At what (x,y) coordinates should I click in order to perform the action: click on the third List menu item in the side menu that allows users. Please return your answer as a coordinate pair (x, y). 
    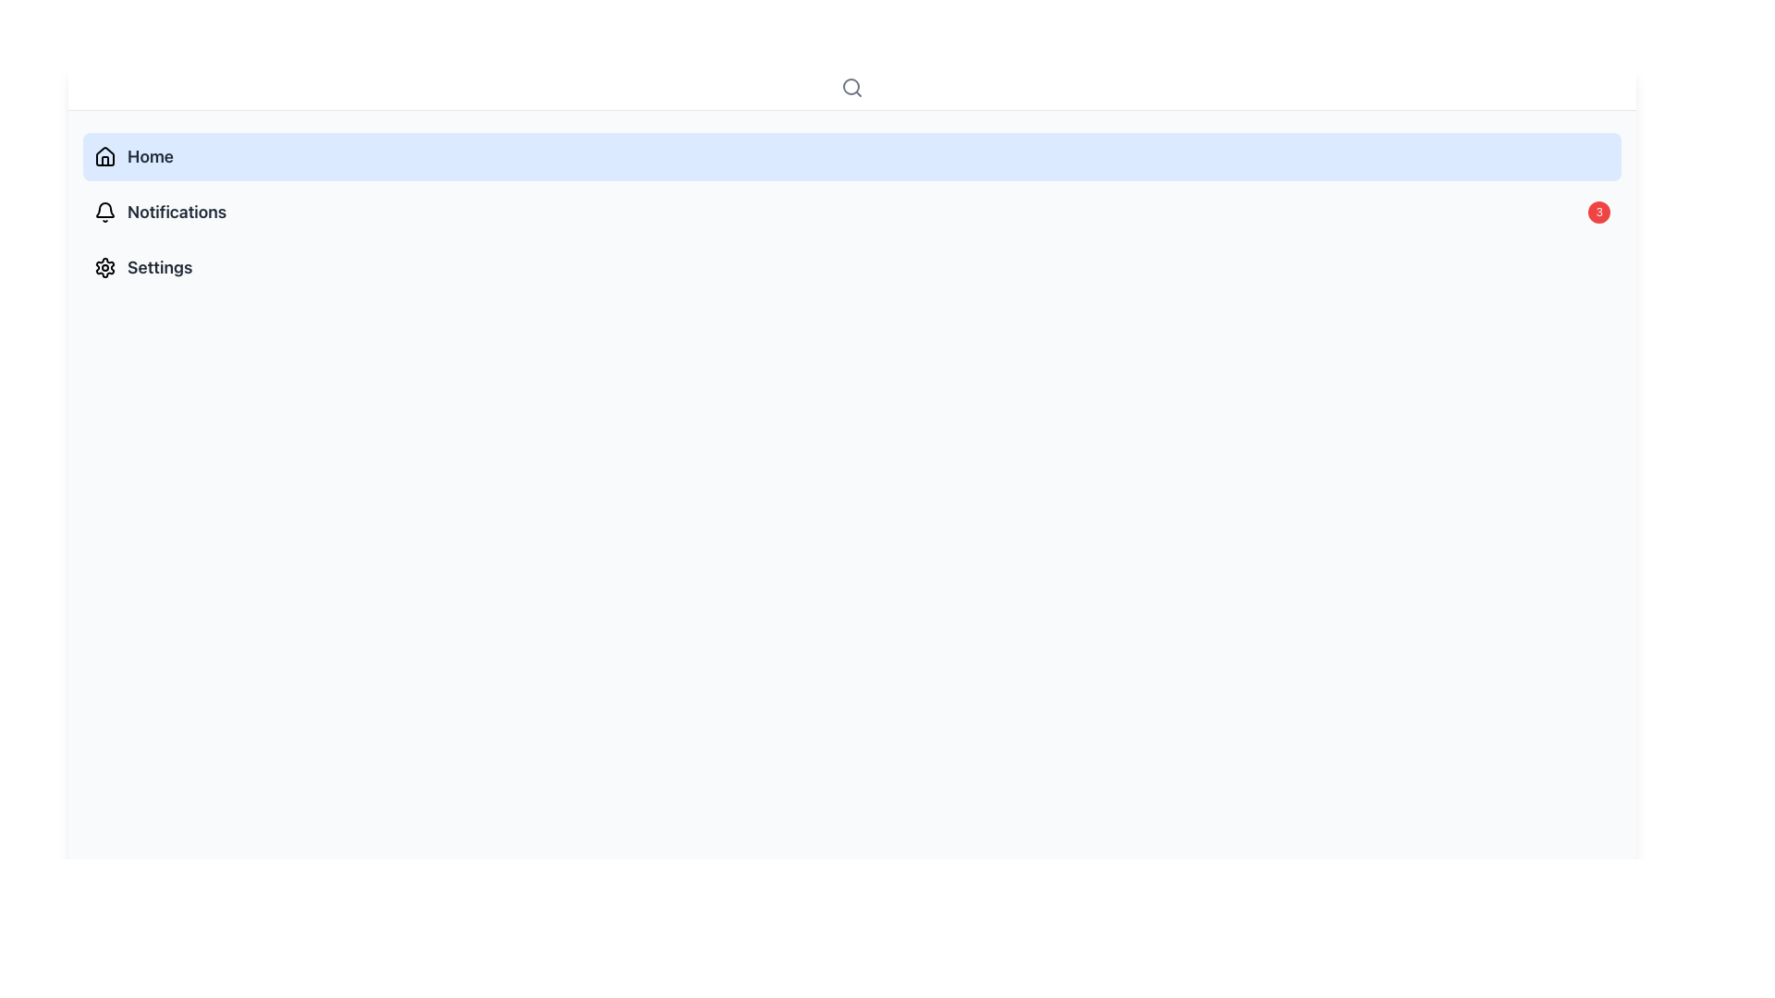
    Looking at the image, I should click on (142, 267).